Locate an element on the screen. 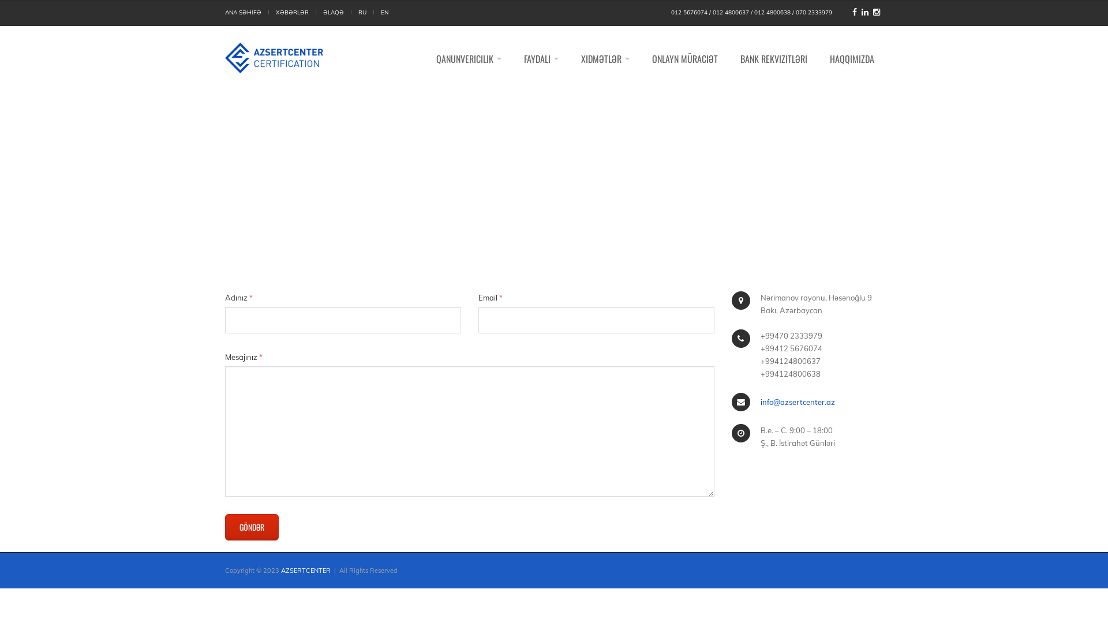 The image size is (1108, 623). 'HAQQIMIZDA' is located at coordinates (852, 58).